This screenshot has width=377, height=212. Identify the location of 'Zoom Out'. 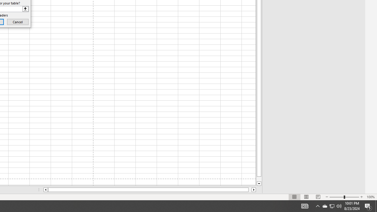
(337, 197).